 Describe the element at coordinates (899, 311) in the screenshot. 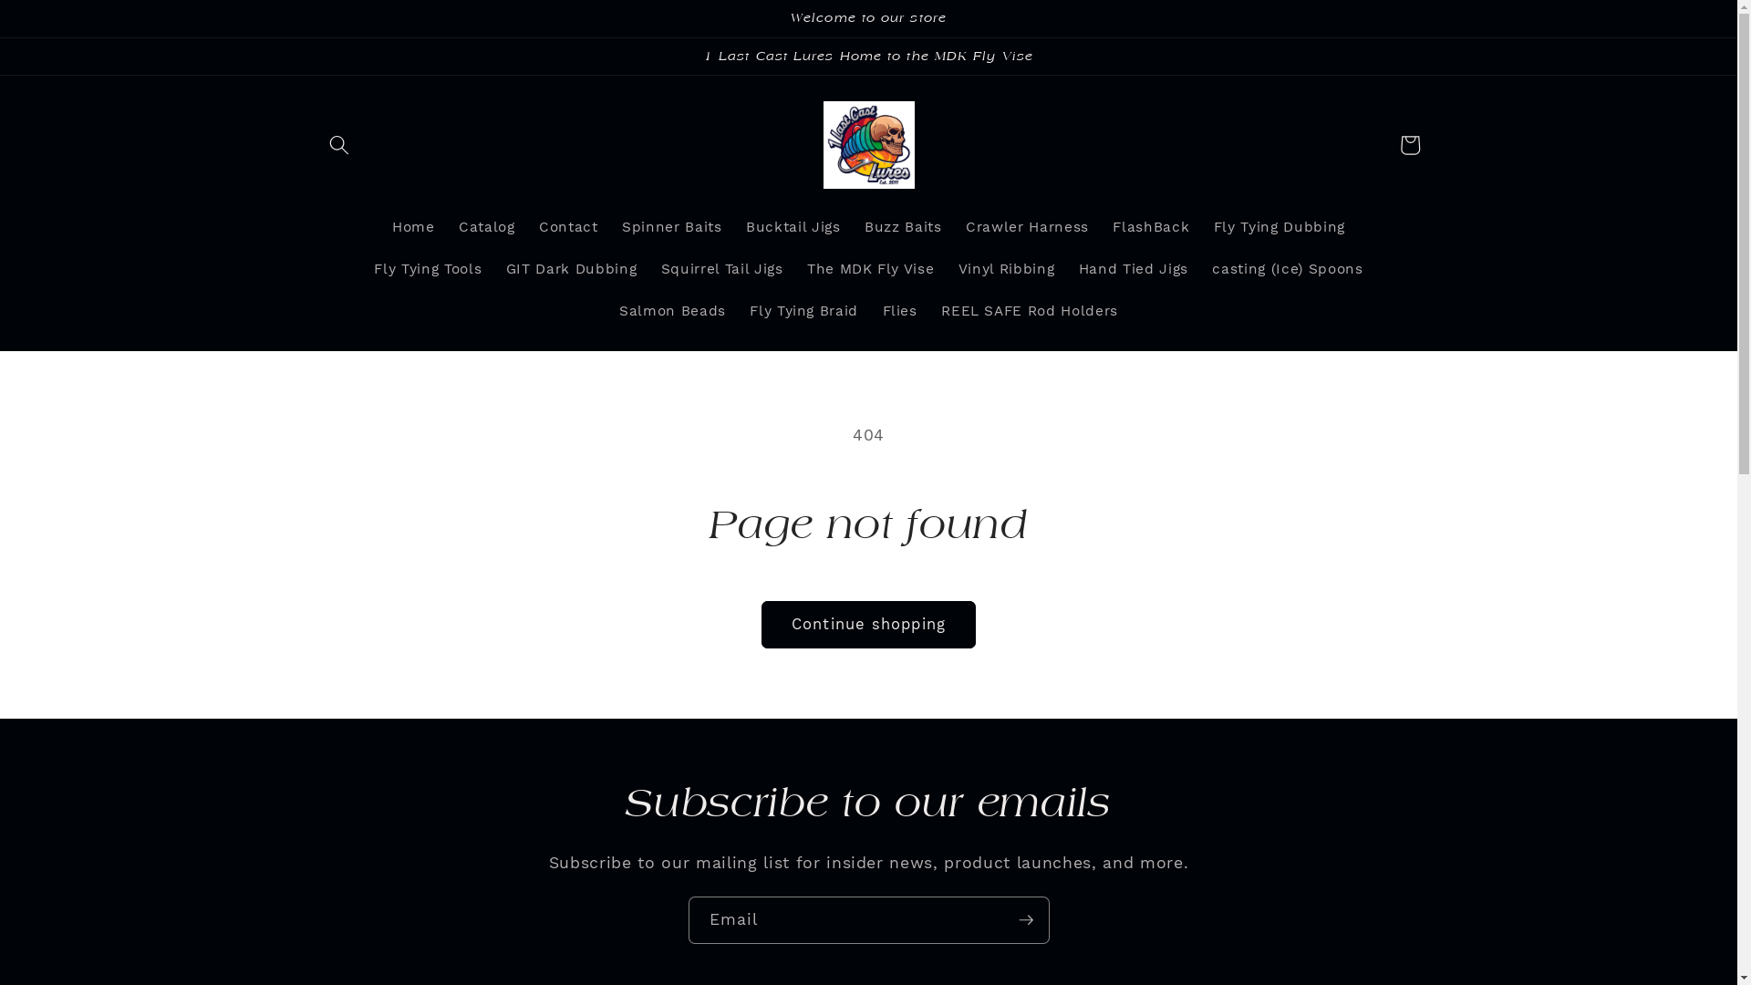

I see `'Flies'` at that location.